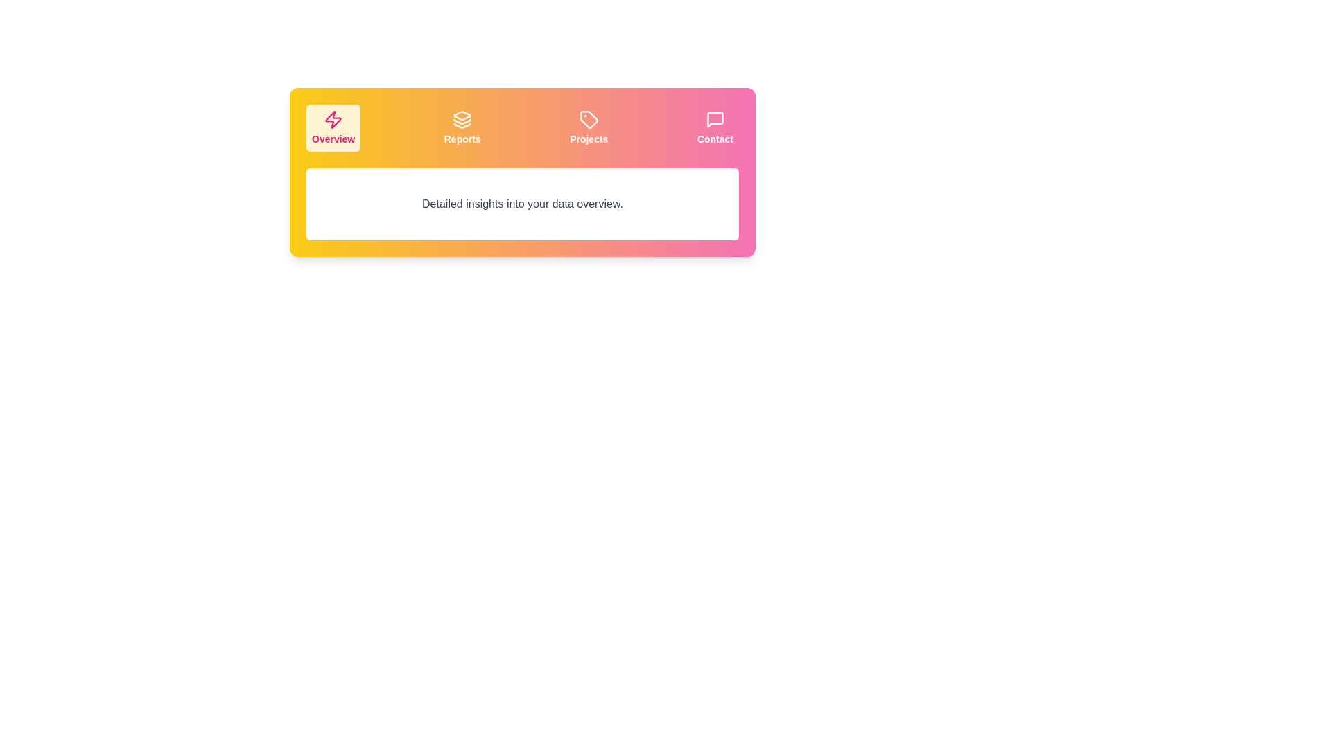  What do you see at coordinates (333, 119) in the screenshot?
I see `the 'Overview' icon located on the leftmost side of the gradient bar, above the 'Overview' label` at bounding box center [333, 119].